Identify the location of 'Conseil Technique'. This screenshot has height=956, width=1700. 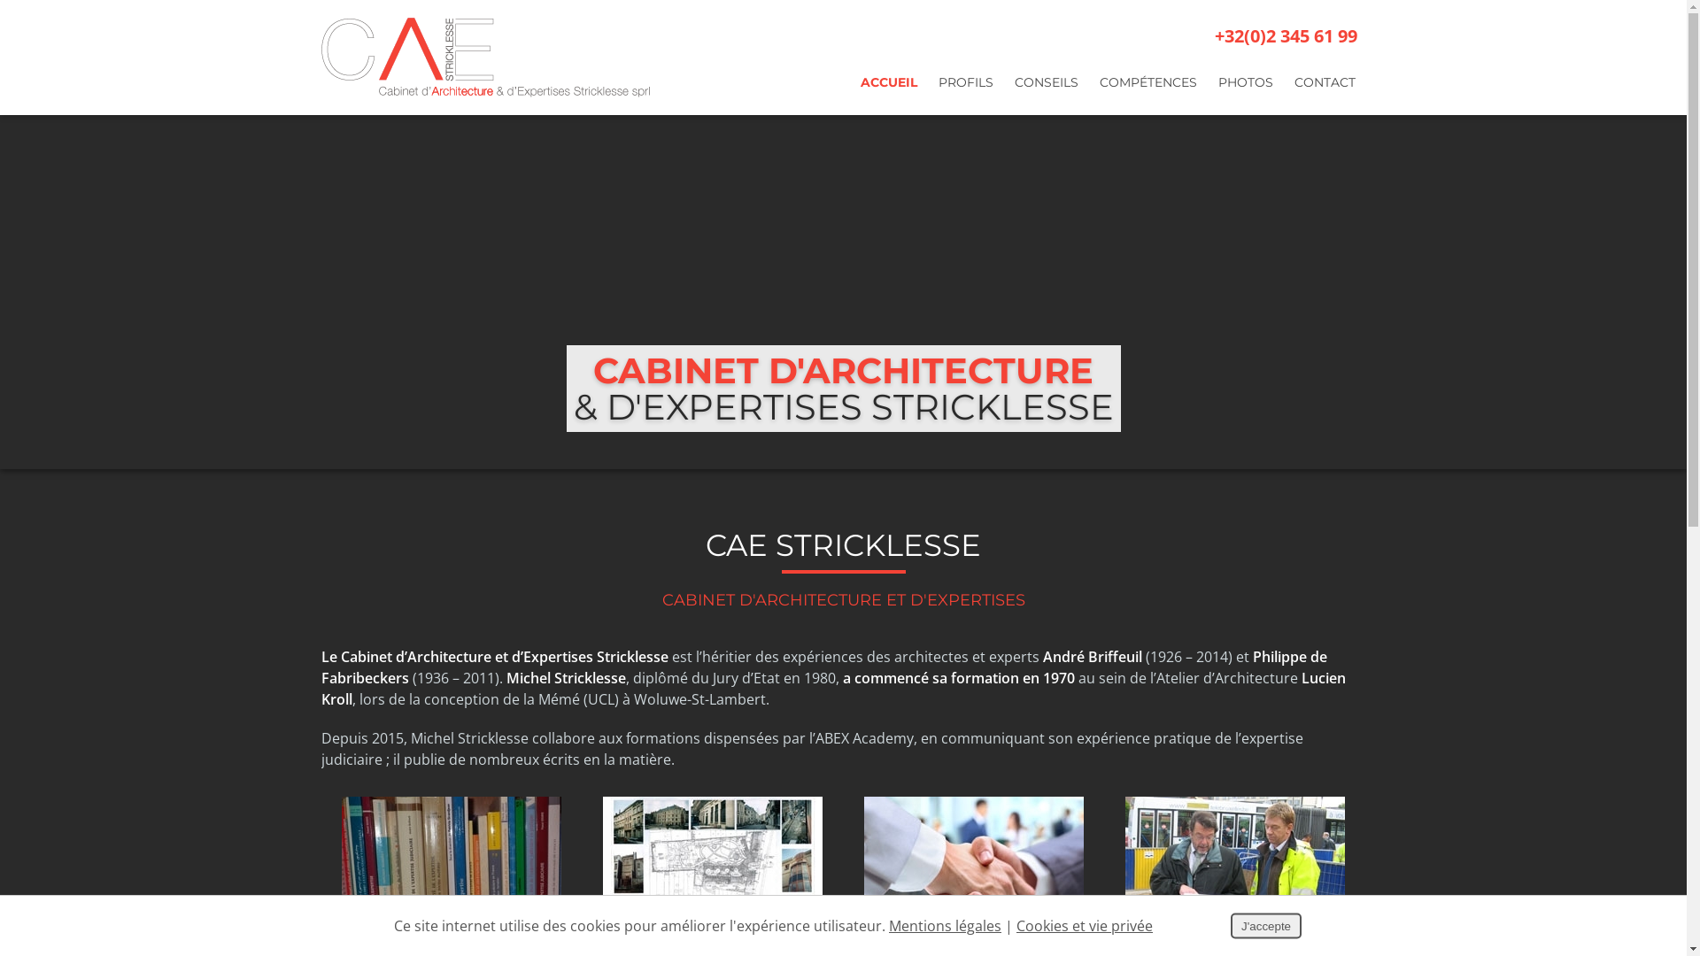
(1234, 869).